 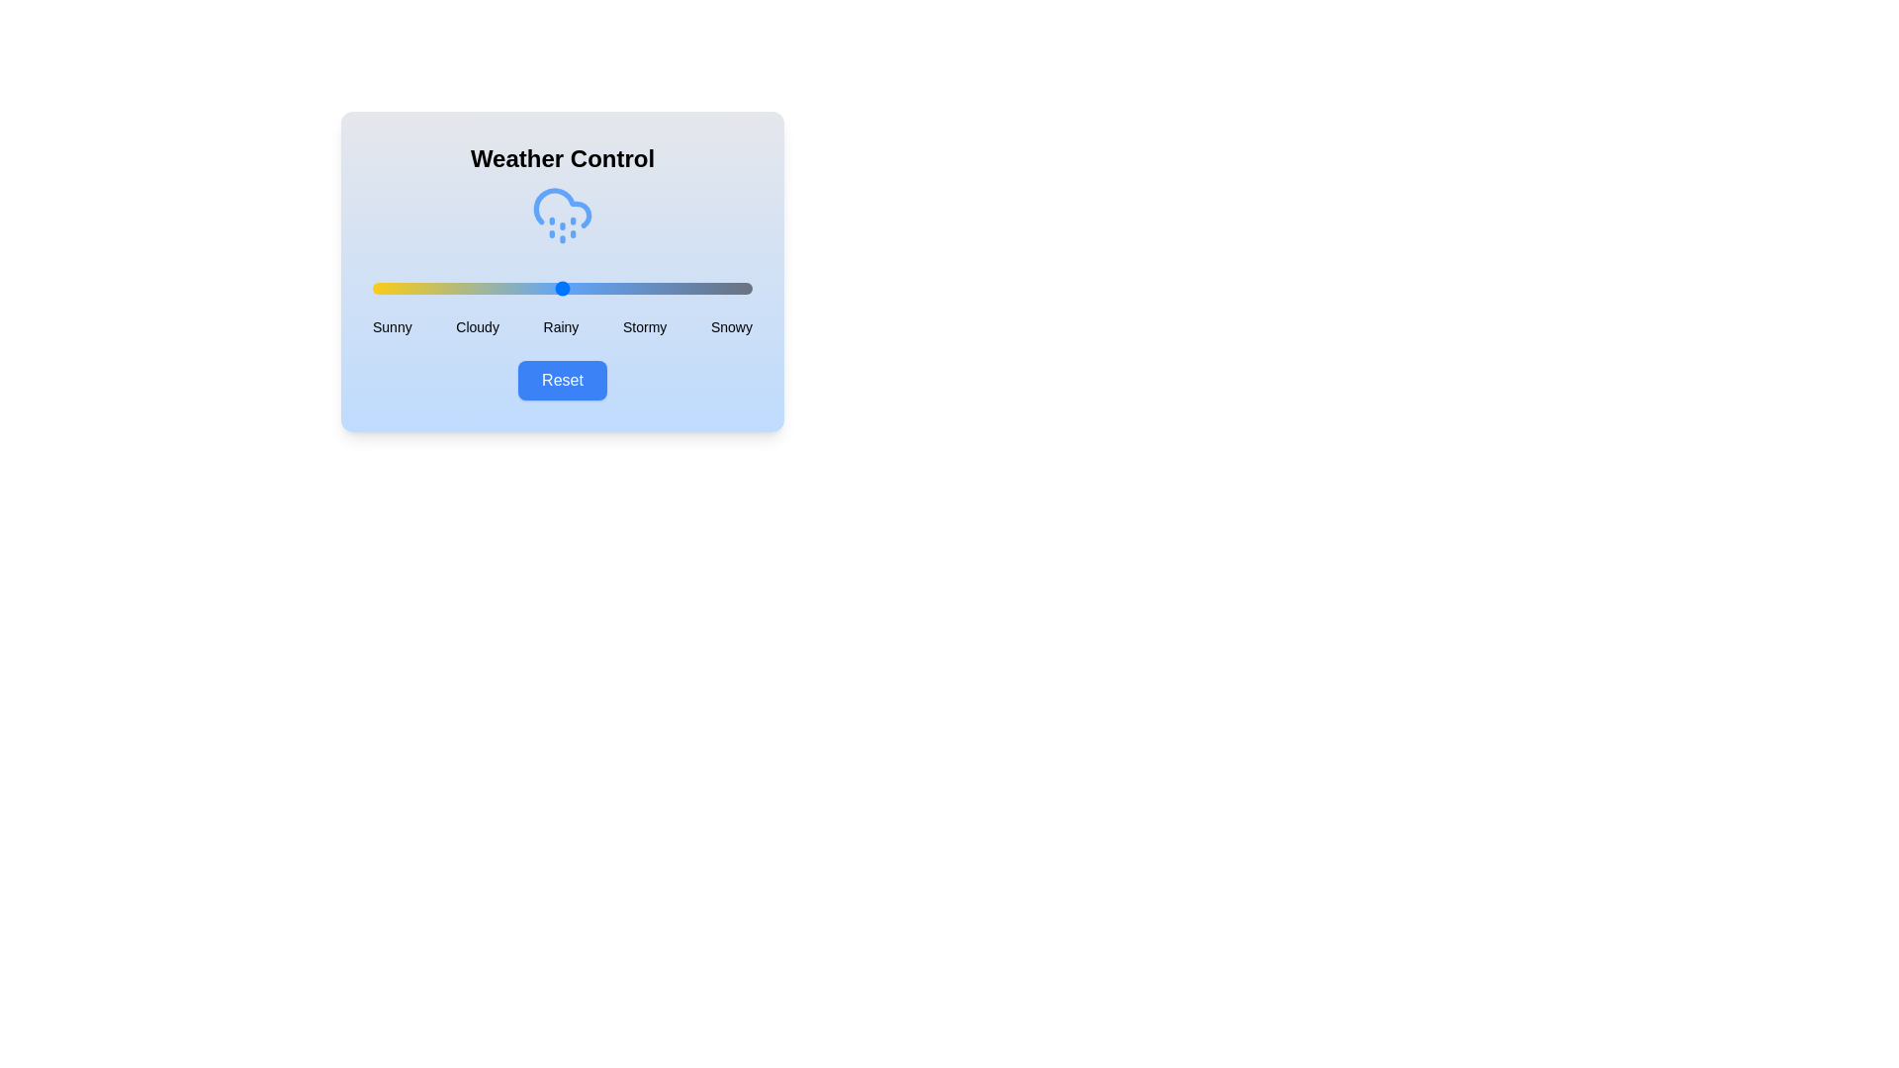 I want to click on the weather condition slider to 74, so click(x=654, y=289).